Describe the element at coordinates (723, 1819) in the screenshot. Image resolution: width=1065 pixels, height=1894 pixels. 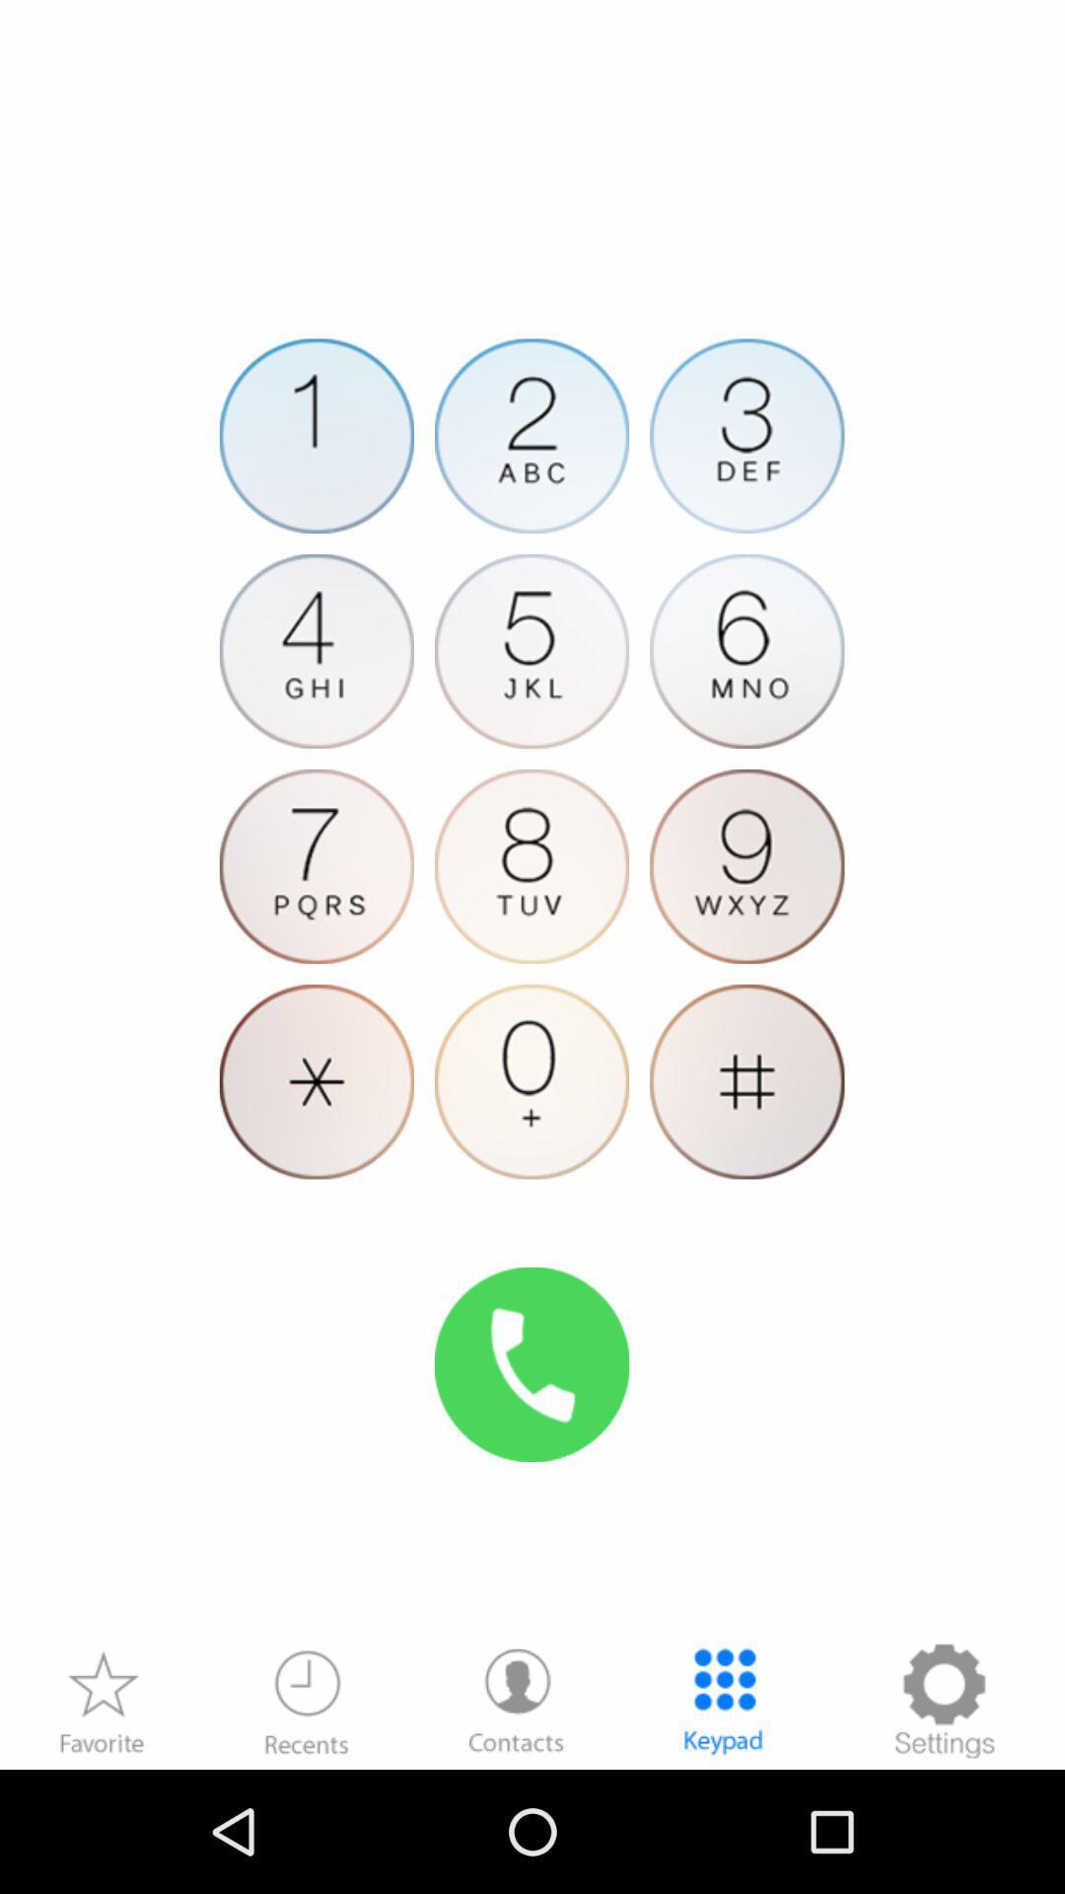
I see `the dialpad icon` at that location.